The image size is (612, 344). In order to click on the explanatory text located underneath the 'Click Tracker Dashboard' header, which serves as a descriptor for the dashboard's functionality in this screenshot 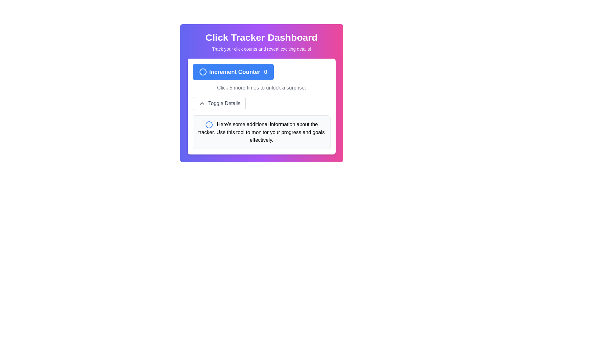, I will do `click(261, 49)`.